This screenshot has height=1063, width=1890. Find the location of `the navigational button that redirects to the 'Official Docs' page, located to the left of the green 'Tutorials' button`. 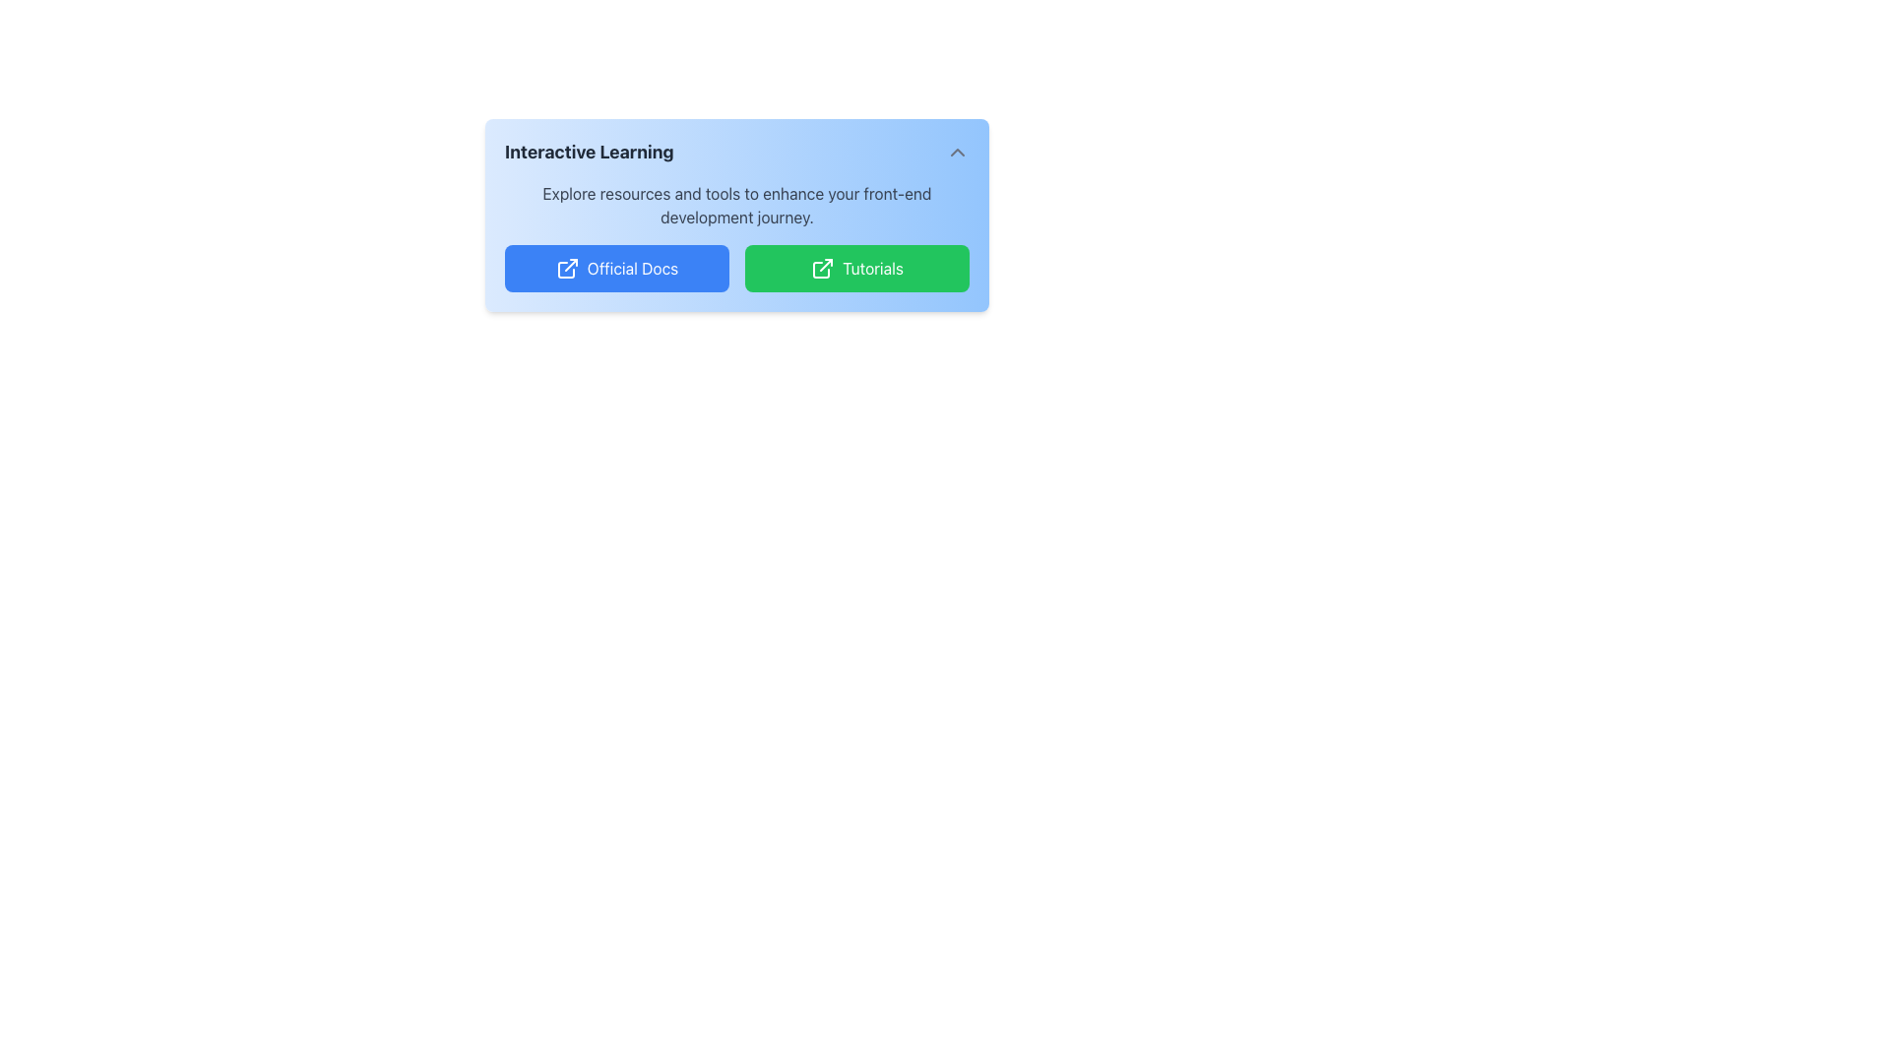

the navigational button that redirects to the 'Official Docs' page, located to the left of the green 'Tutorials' button is located at coordinates (616, 269).